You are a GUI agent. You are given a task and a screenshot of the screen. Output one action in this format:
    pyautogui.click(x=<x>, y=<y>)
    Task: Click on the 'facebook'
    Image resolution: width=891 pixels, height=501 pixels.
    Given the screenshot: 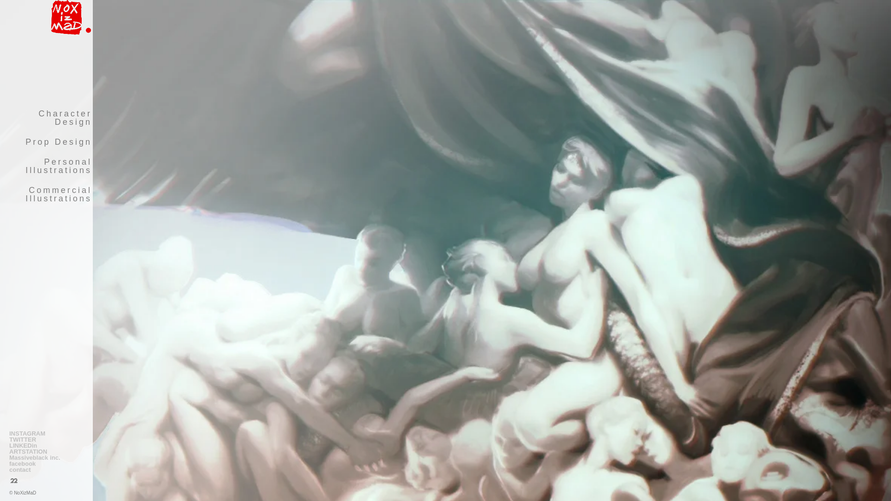 What is the action you would take?
    pyautogui.click(x=46, y=463)
    